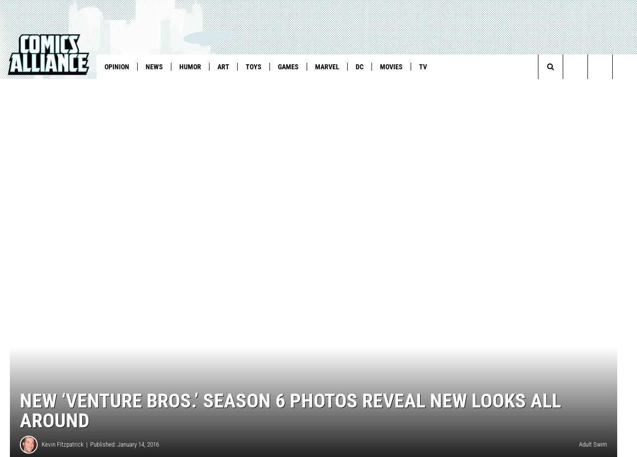 The height and width of the screenshot is (457, 637). I want to click on 'Humor', so click(189, 66).